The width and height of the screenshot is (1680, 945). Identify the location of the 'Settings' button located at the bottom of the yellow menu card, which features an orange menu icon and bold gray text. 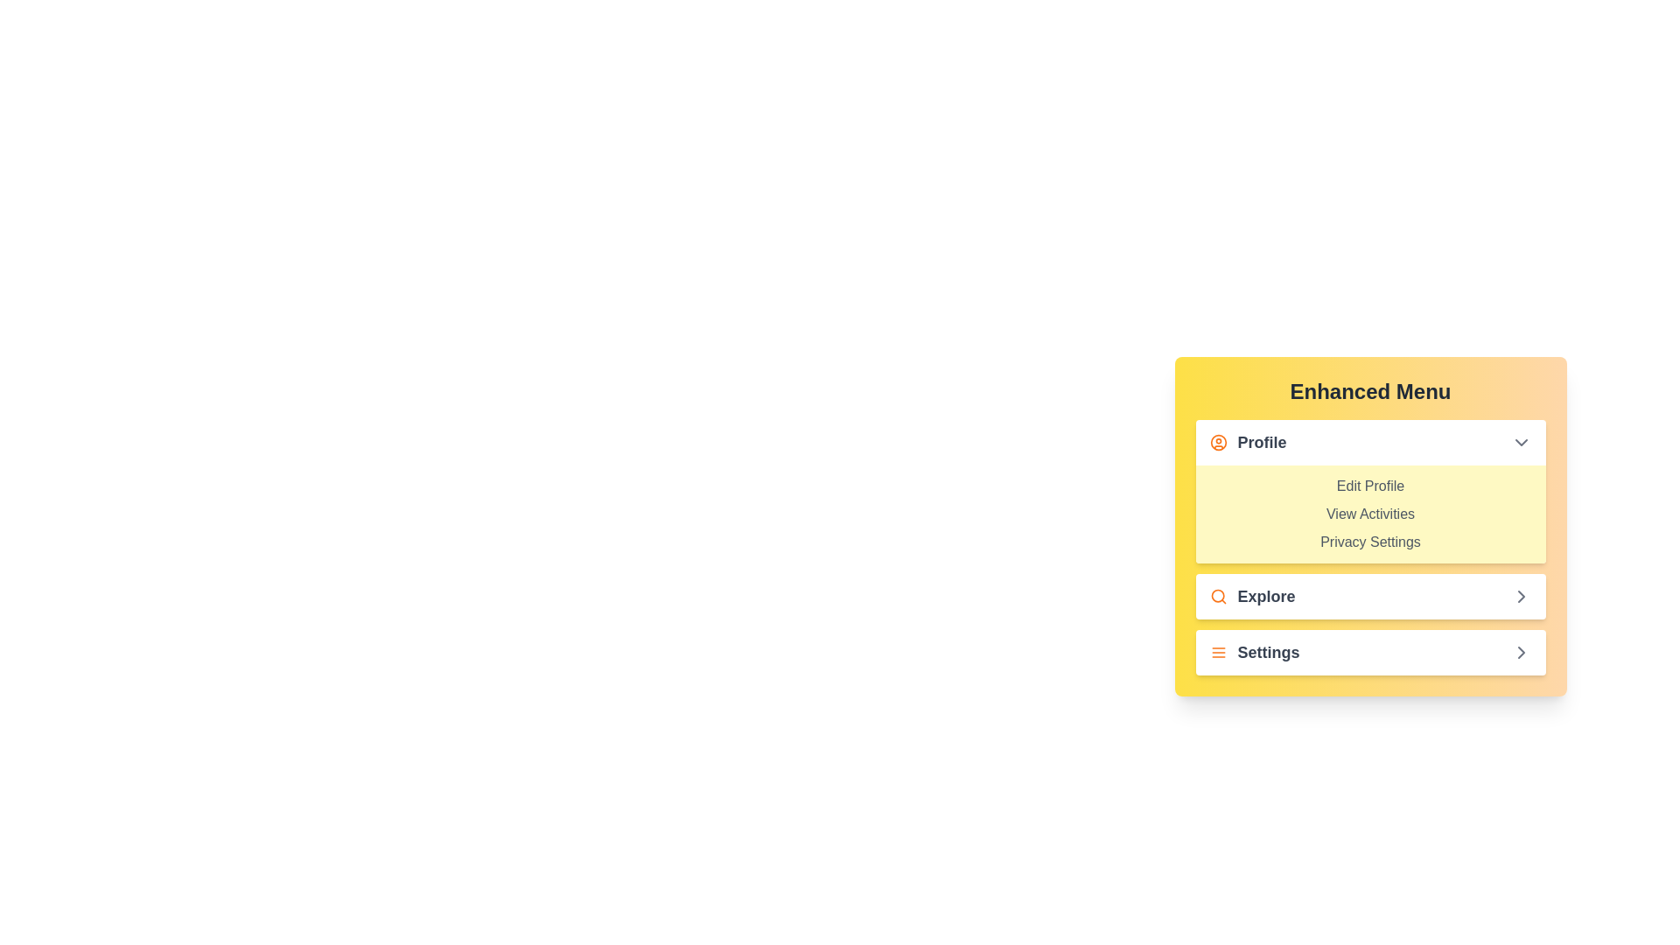
(1254, 652).